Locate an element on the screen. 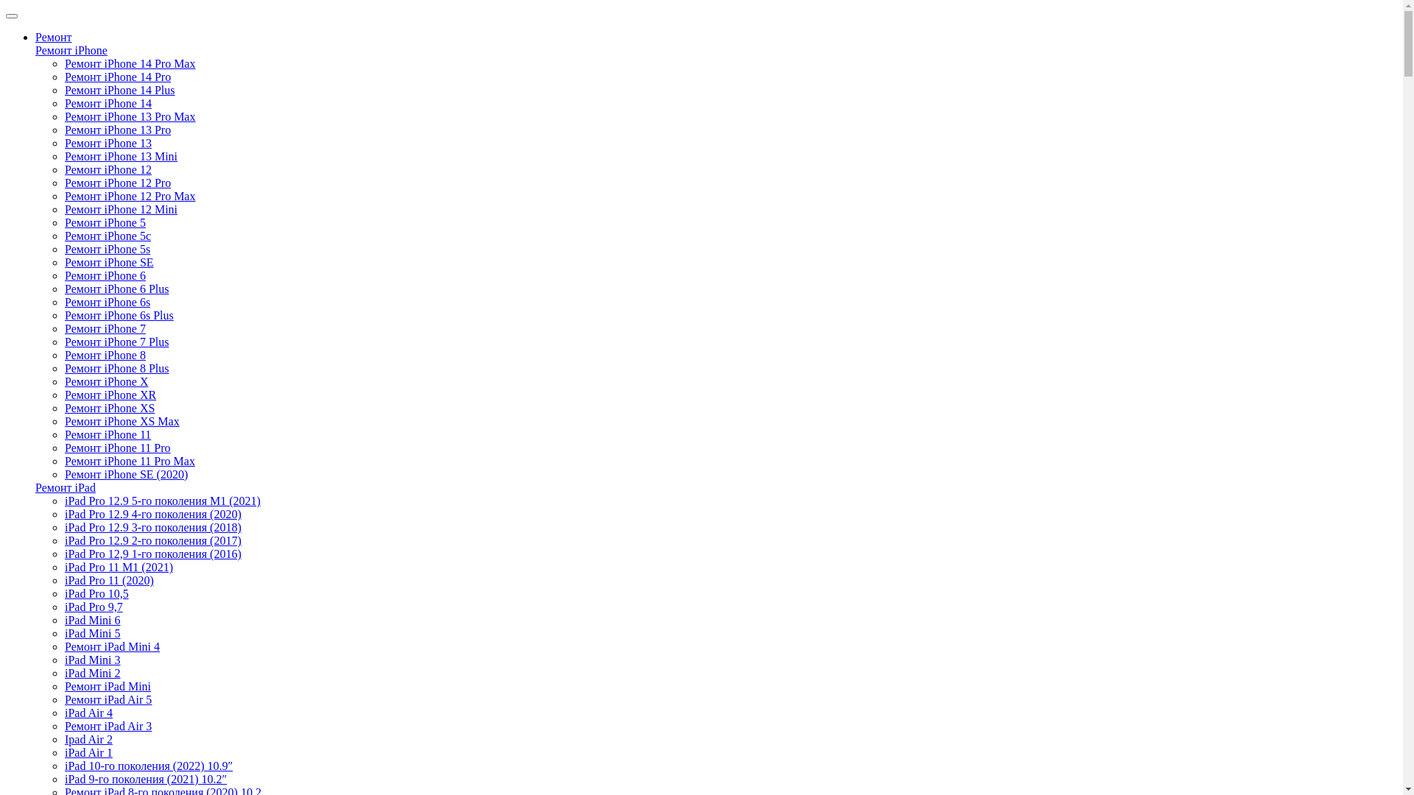 This screenshot has height=795, width=1414. 'iPad Pro 9,7' is located at coordinates (93, 607).